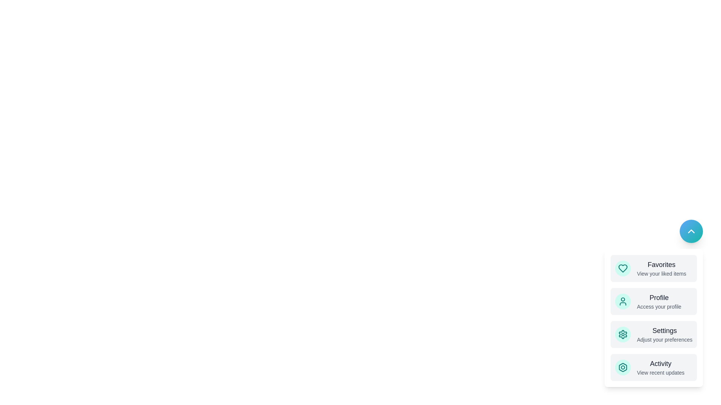 Image resolution: width=721 pixels, height=405 pixels. Describe the element at coordinates (653, 268) in the screenshot. I see `the menu option labeled Favorites` at that location.